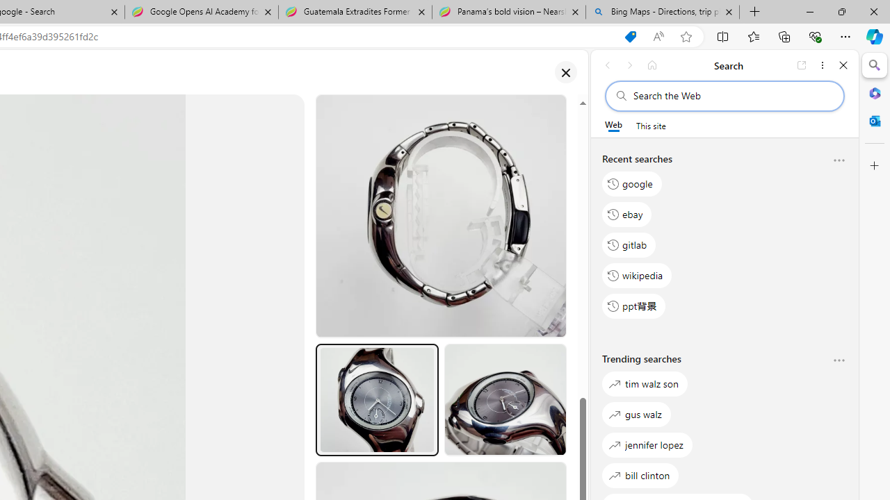 This screenshot has height=500, width=890. What do you see at coordinates (629, 36) in the screenshot?
I see `'You have the best price! Shopping in Microsoft Edge'` at bounding box center [629, 36].